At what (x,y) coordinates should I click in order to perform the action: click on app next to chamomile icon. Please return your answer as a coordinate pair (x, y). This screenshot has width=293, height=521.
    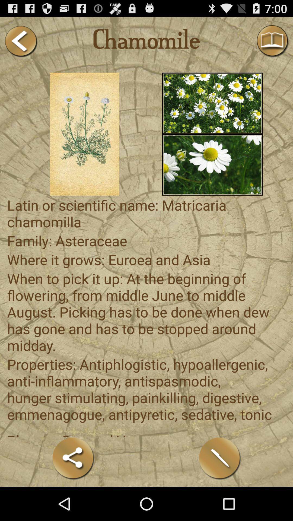
    Looking at the image, I should click on (20, 41).